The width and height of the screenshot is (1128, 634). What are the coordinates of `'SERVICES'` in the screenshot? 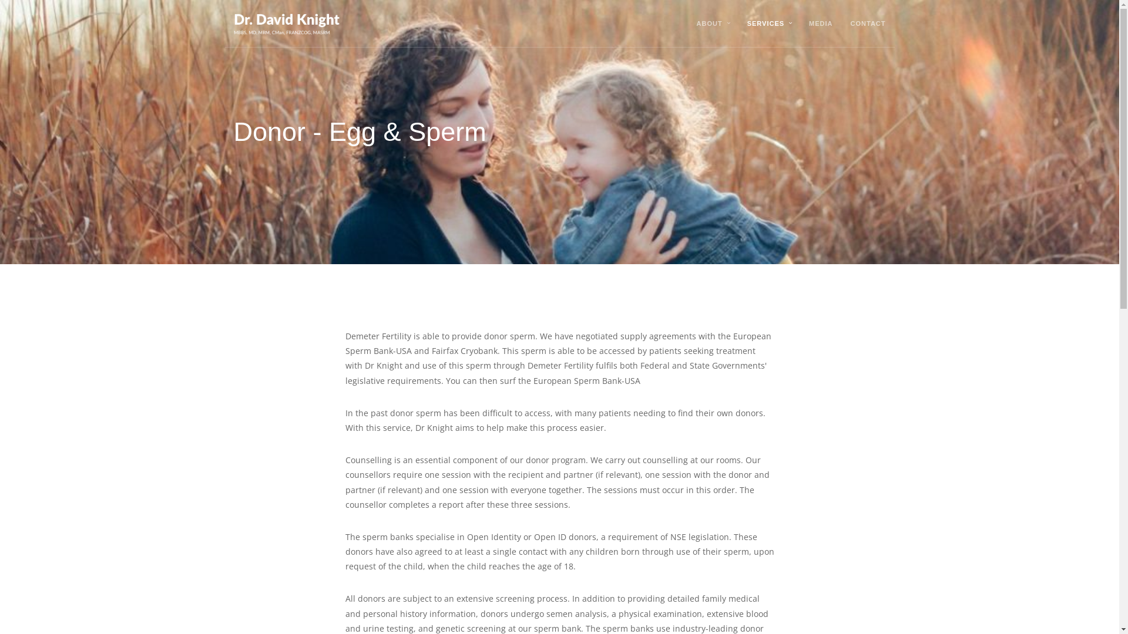 It's located at (766, 23).